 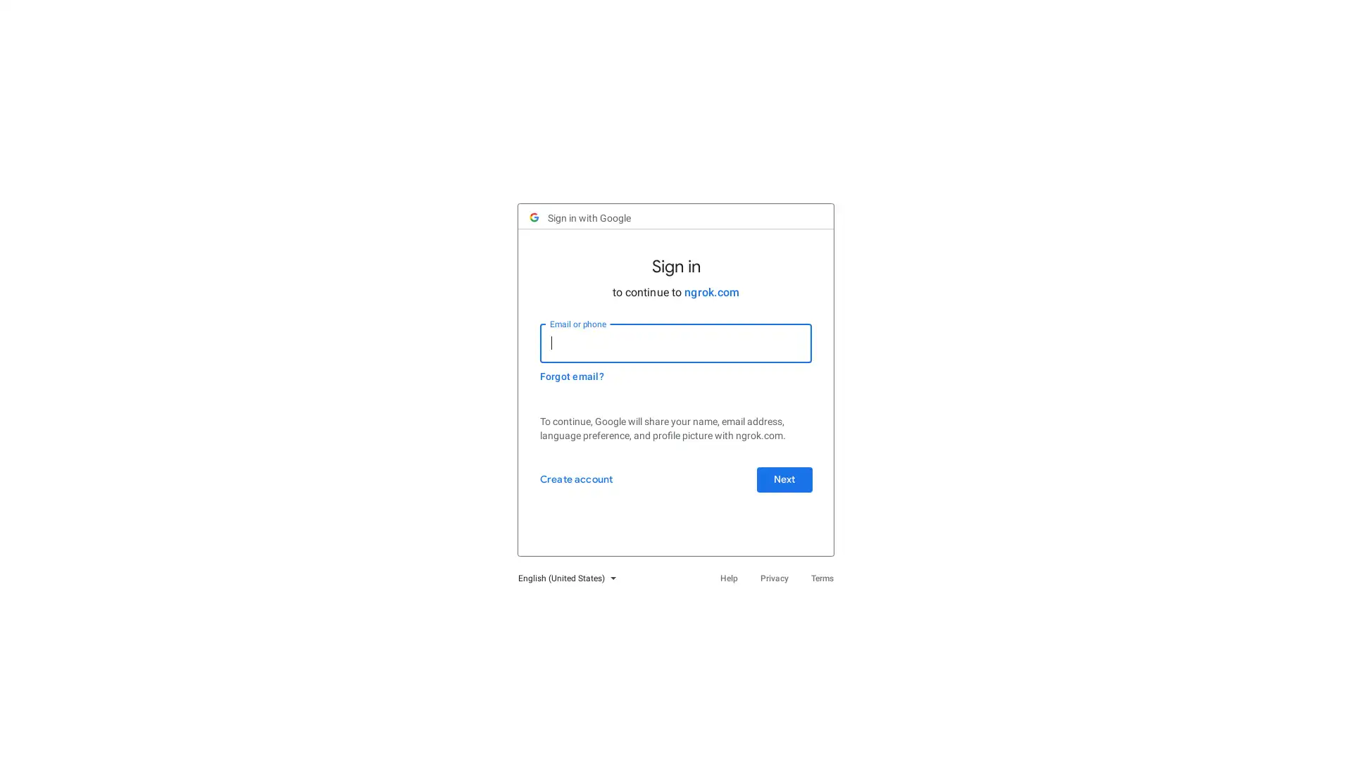 I want to click on Create account, so click(x=582, y=488).